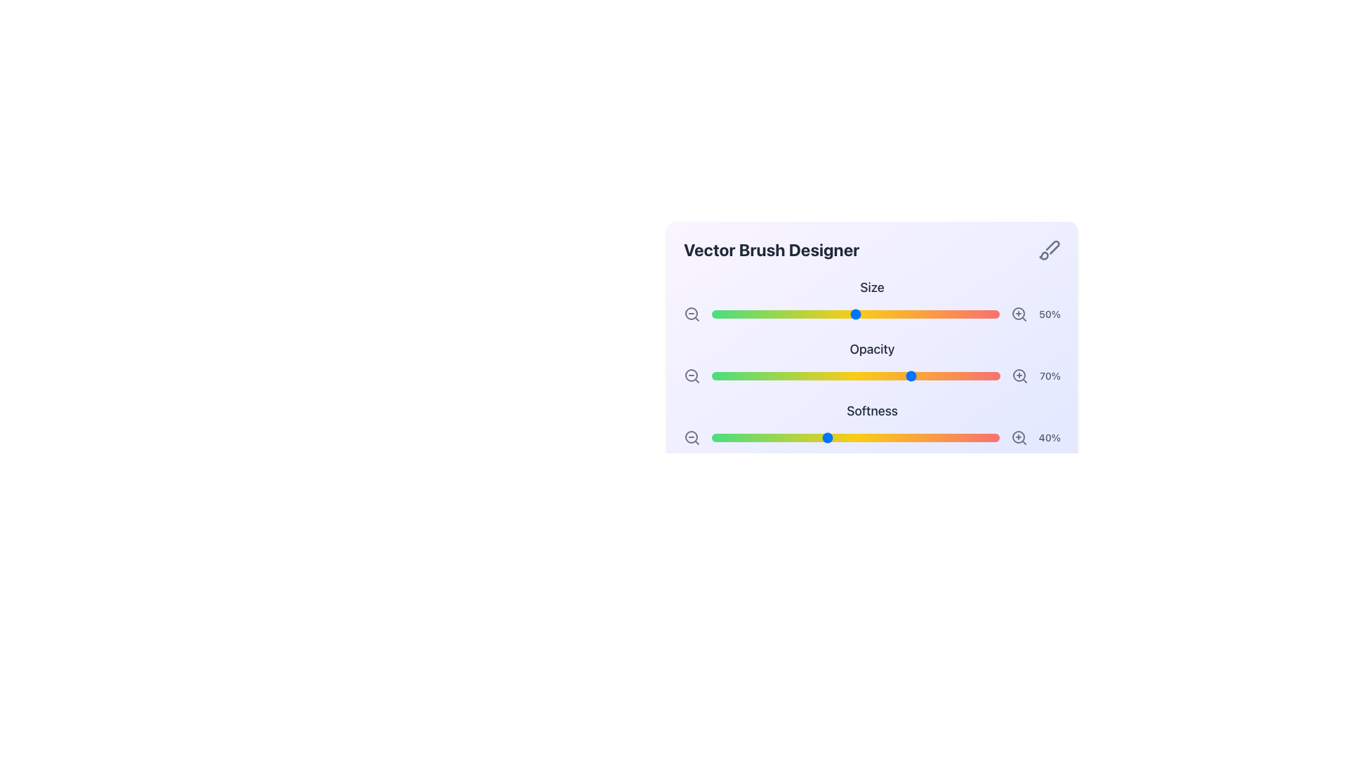 This screenshot has width=1348, height=758. I want to click on the size, so click(746, 313).